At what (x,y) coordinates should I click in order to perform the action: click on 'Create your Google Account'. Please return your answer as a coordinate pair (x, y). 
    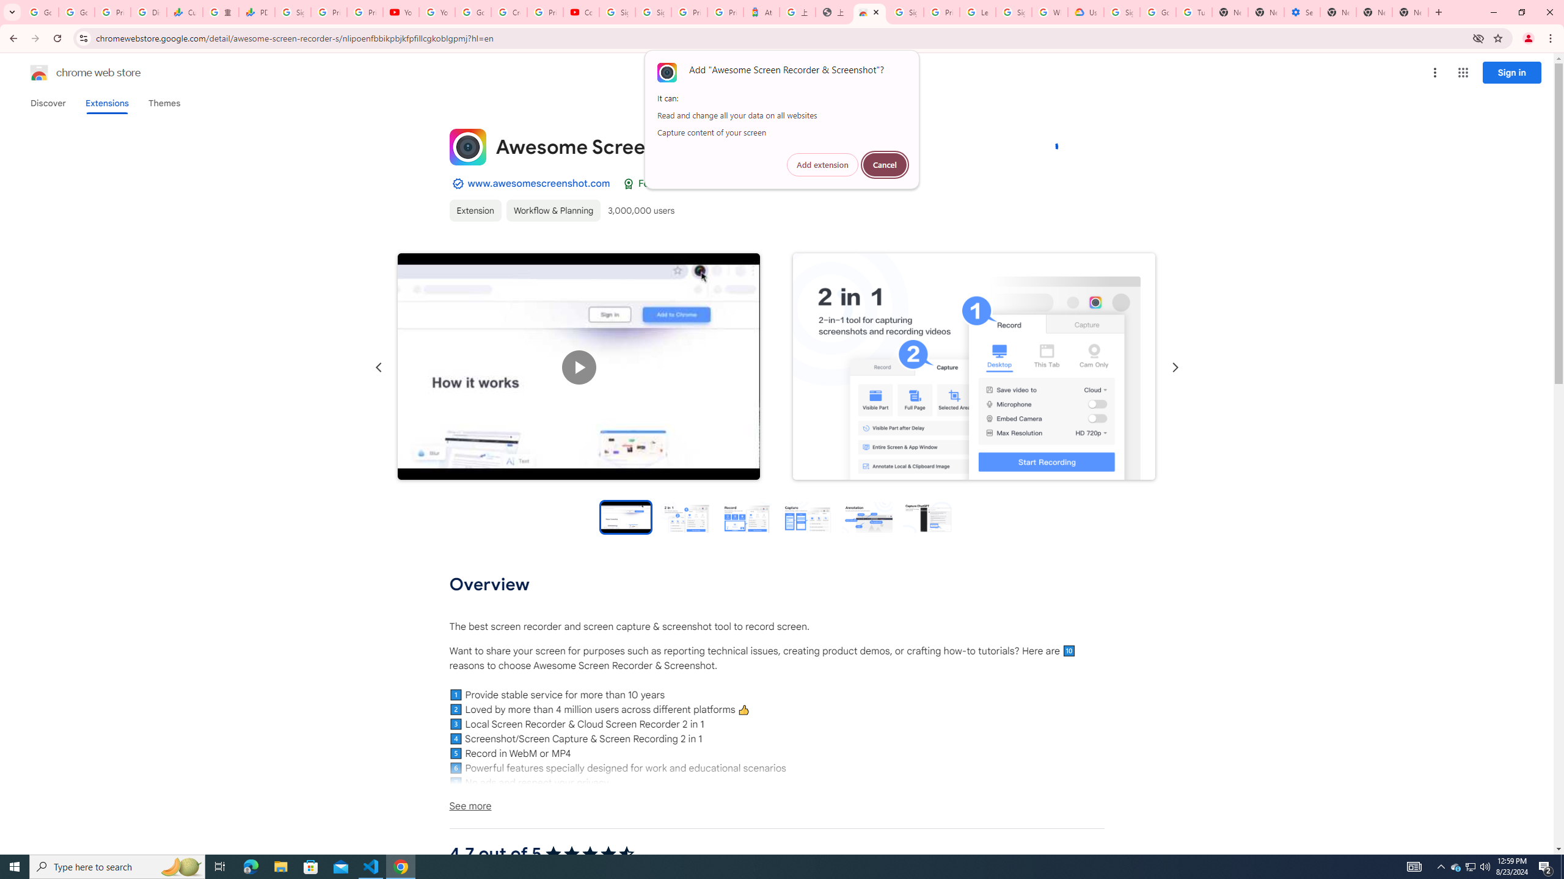
    Looking at the image, I should click on (509, 12).